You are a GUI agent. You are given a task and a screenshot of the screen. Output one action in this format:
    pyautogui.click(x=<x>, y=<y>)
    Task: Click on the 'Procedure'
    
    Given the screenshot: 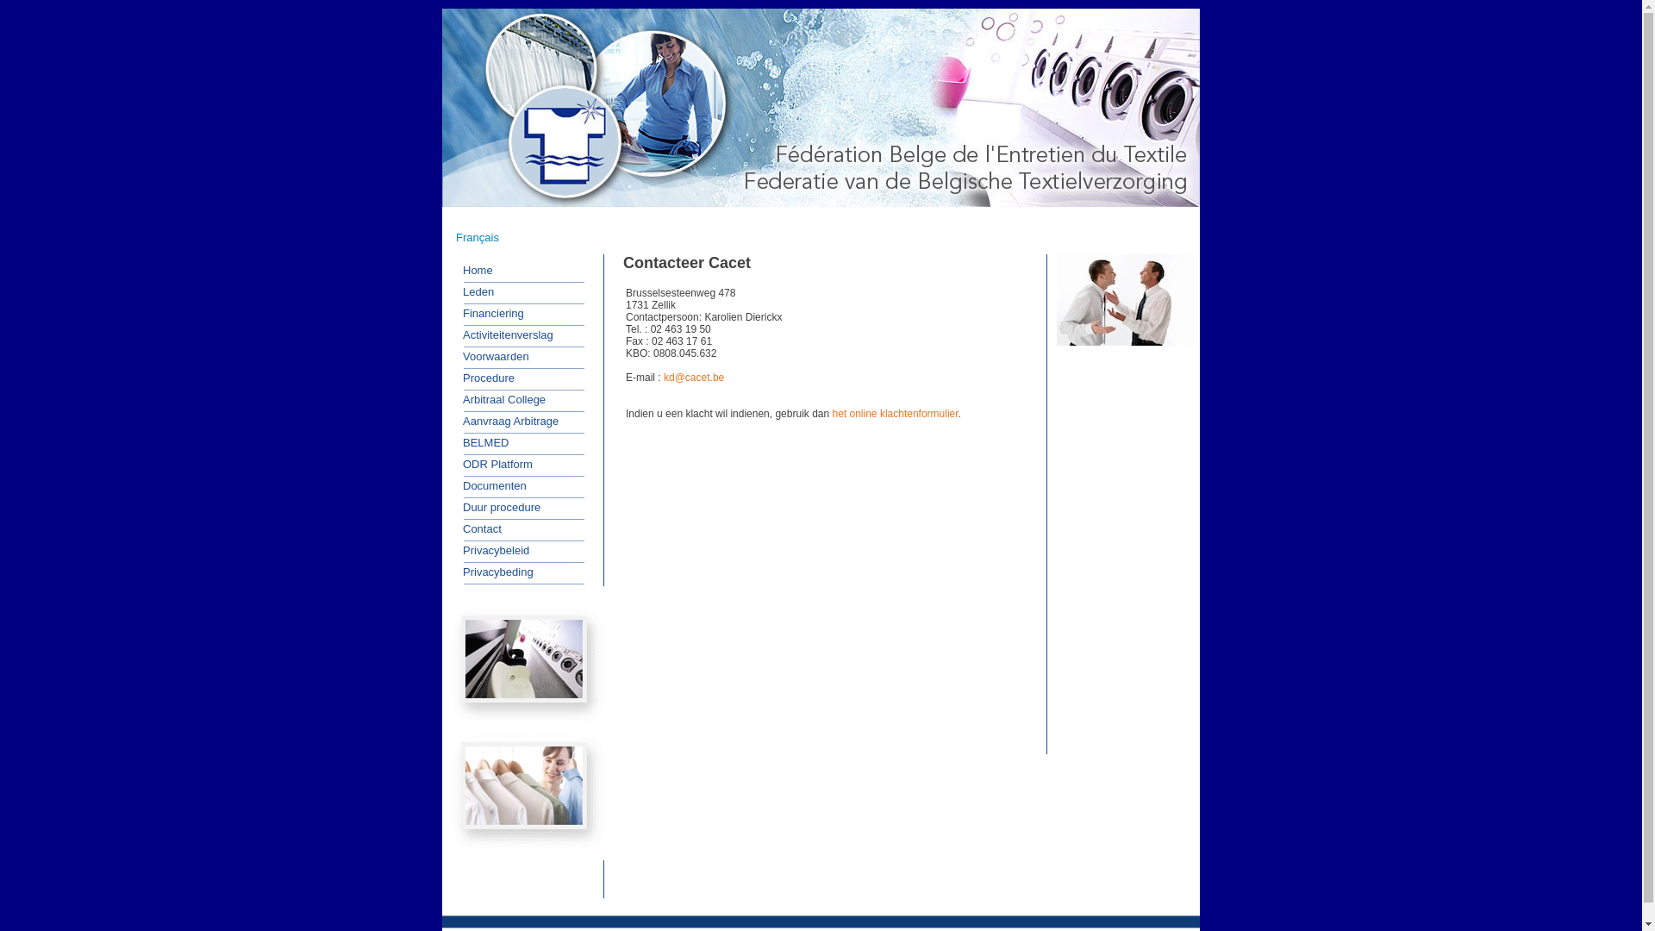 What is the action you would take?
    pyautogui.click(x=483, y=378)
    